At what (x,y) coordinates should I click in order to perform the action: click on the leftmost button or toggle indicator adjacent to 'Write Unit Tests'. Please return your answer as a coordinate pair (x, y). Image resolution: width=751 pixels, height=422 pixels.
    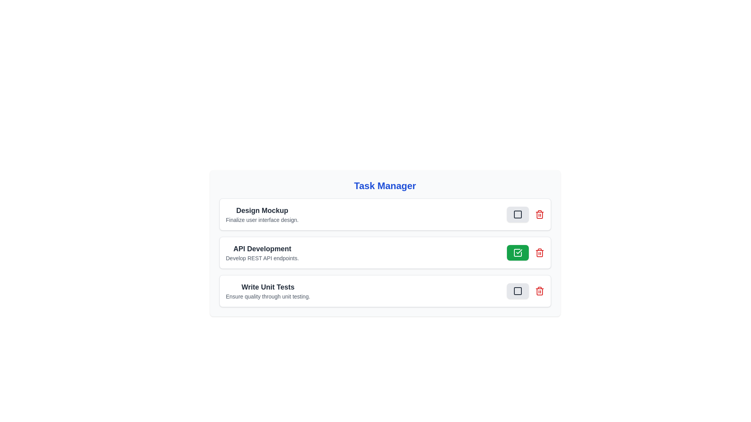
    Looking at the image, I should click on (517, 291).